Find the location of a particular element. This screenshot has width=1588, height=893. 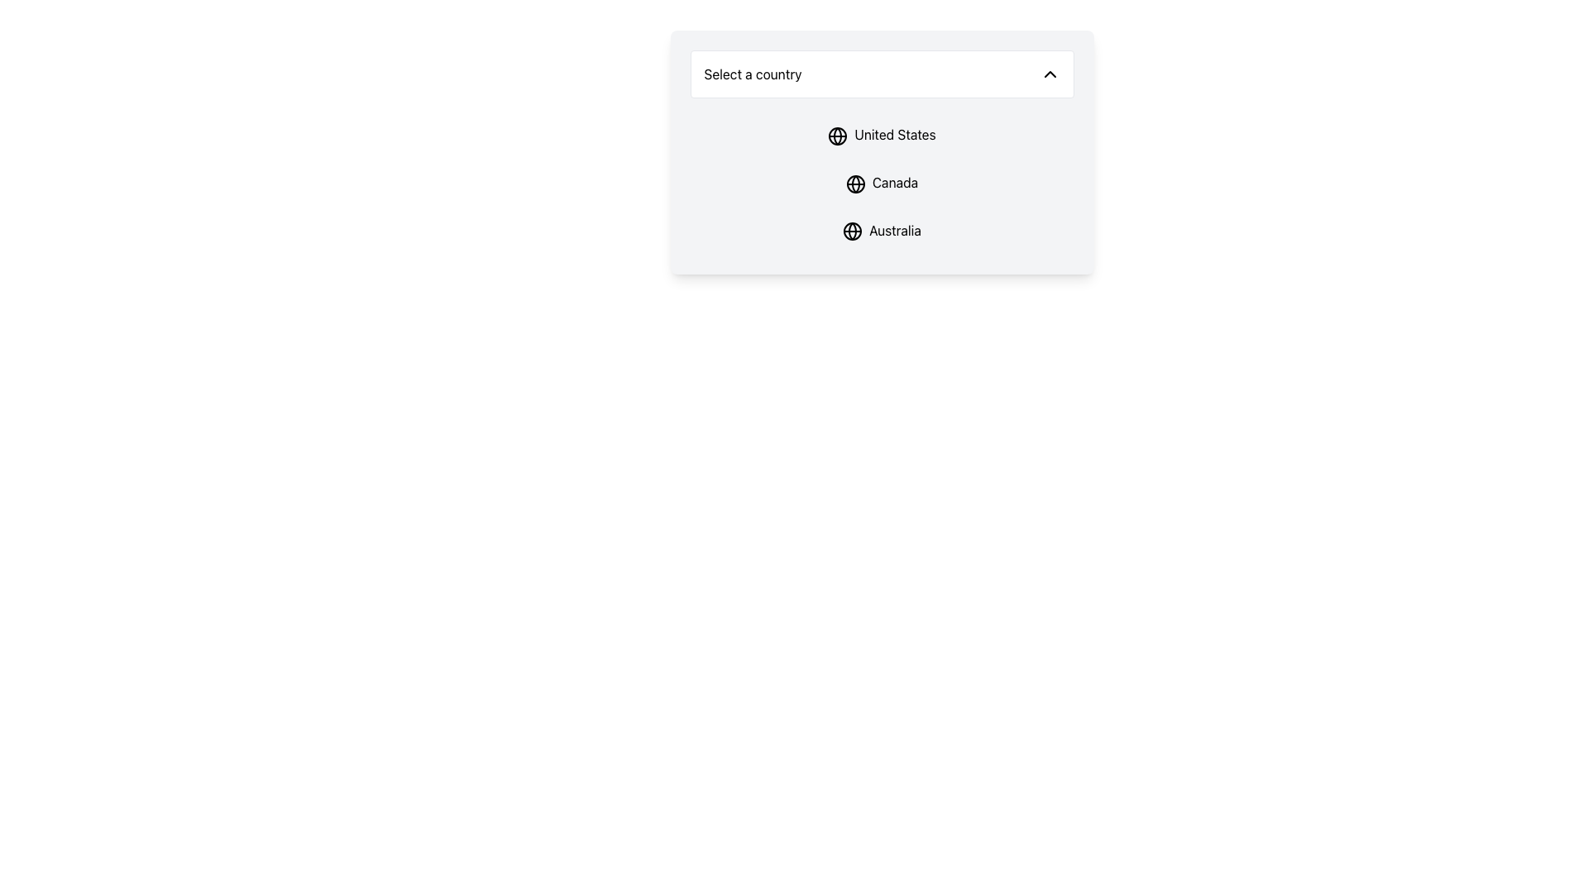

the first circle element in the SVG icon located next to the text 'Canada' in the dropdown menu is located at coordinates (855, 184).